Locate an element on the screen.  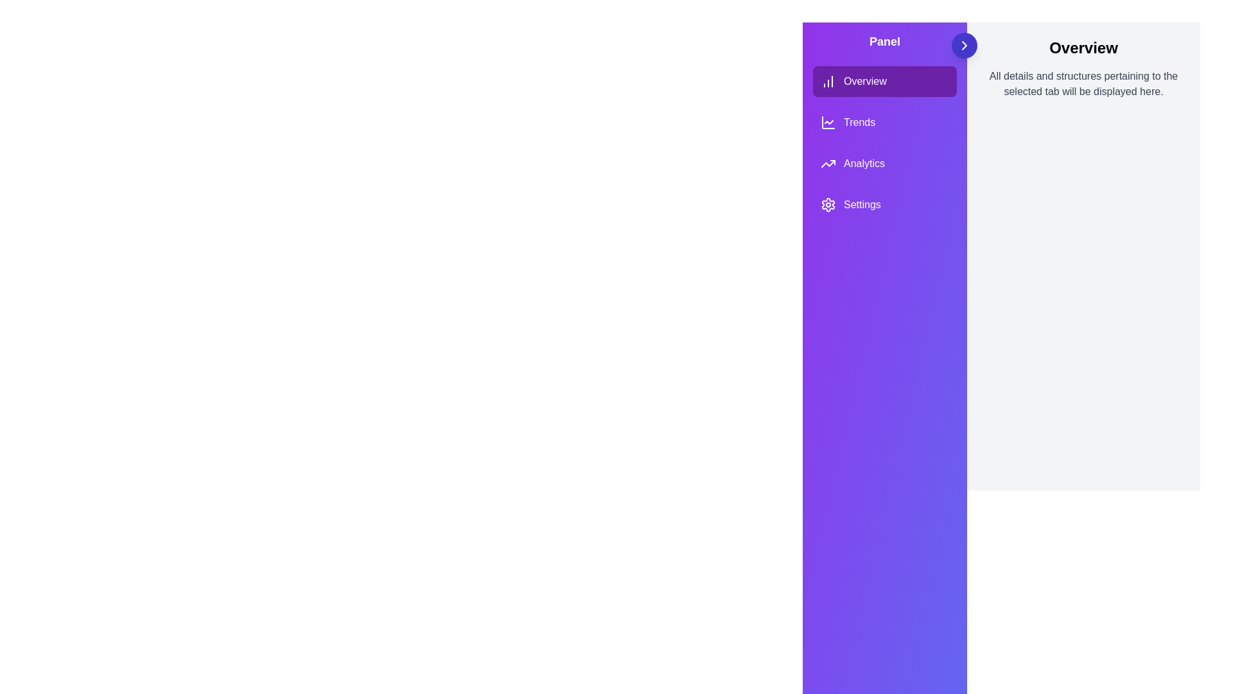
the tab labeled Settings from the menu is located at coordinates (884, 204).